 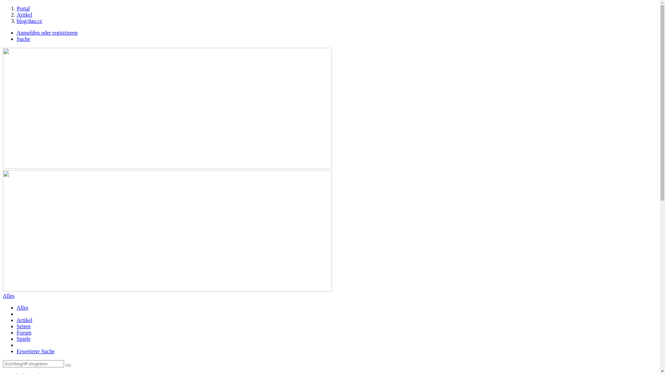 I want to click on 'Spiele', so click(x=23, y=338).